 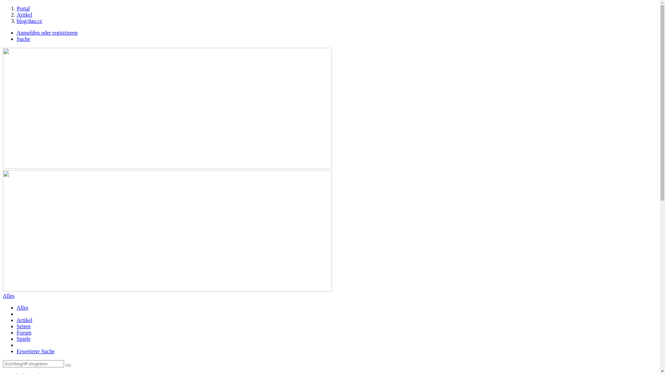 I want to click on 'Spiele', so click(x=23, y=338).